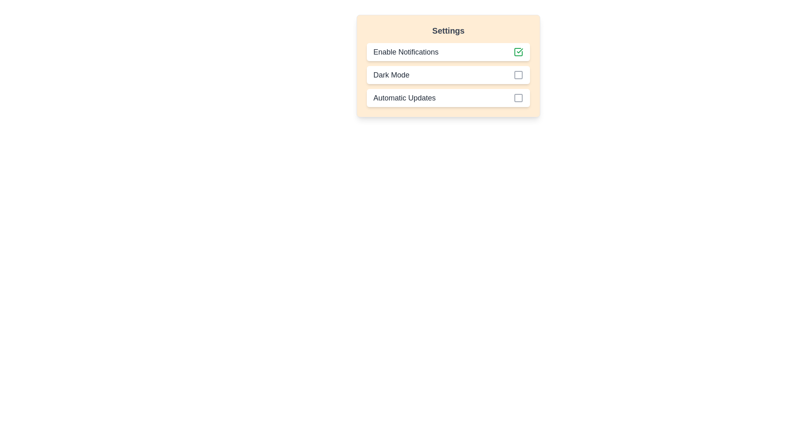 The width and height of the screenshot is (787, 443). Describe the element at coordinates (405, 98) in the screenshot. I see `the 'Automatic Updates' text label, which is displayed in dark gray with a large font size, located in the settings options list under the header 'Settings.'` at that location.